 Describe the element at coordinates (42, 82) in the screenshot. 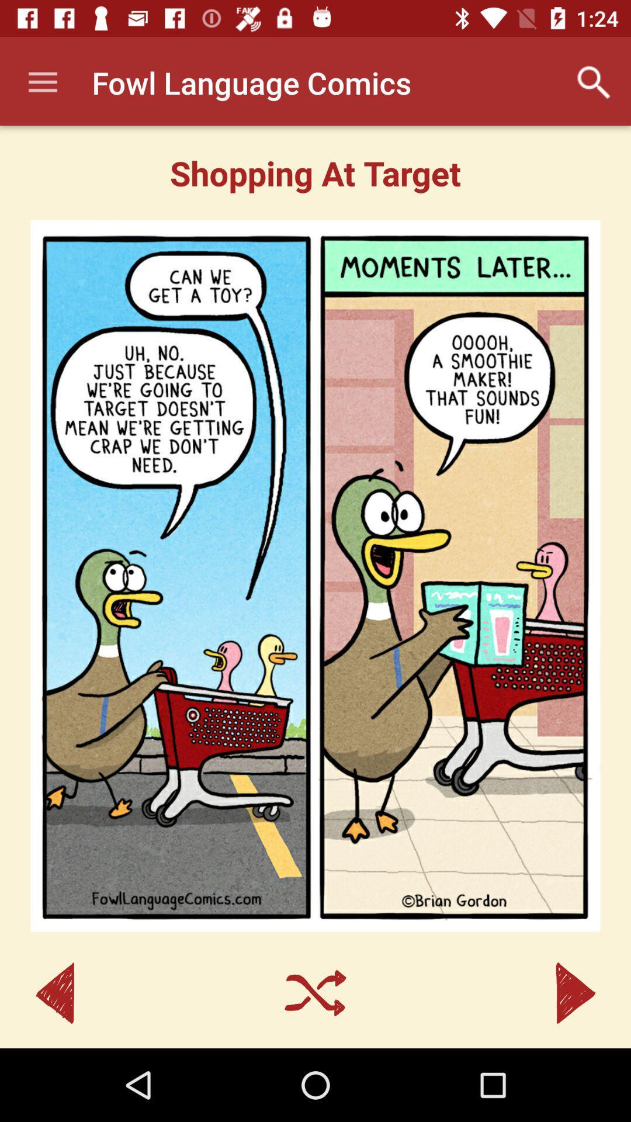

I see `icon to the left of fowl language comics item` at that location.